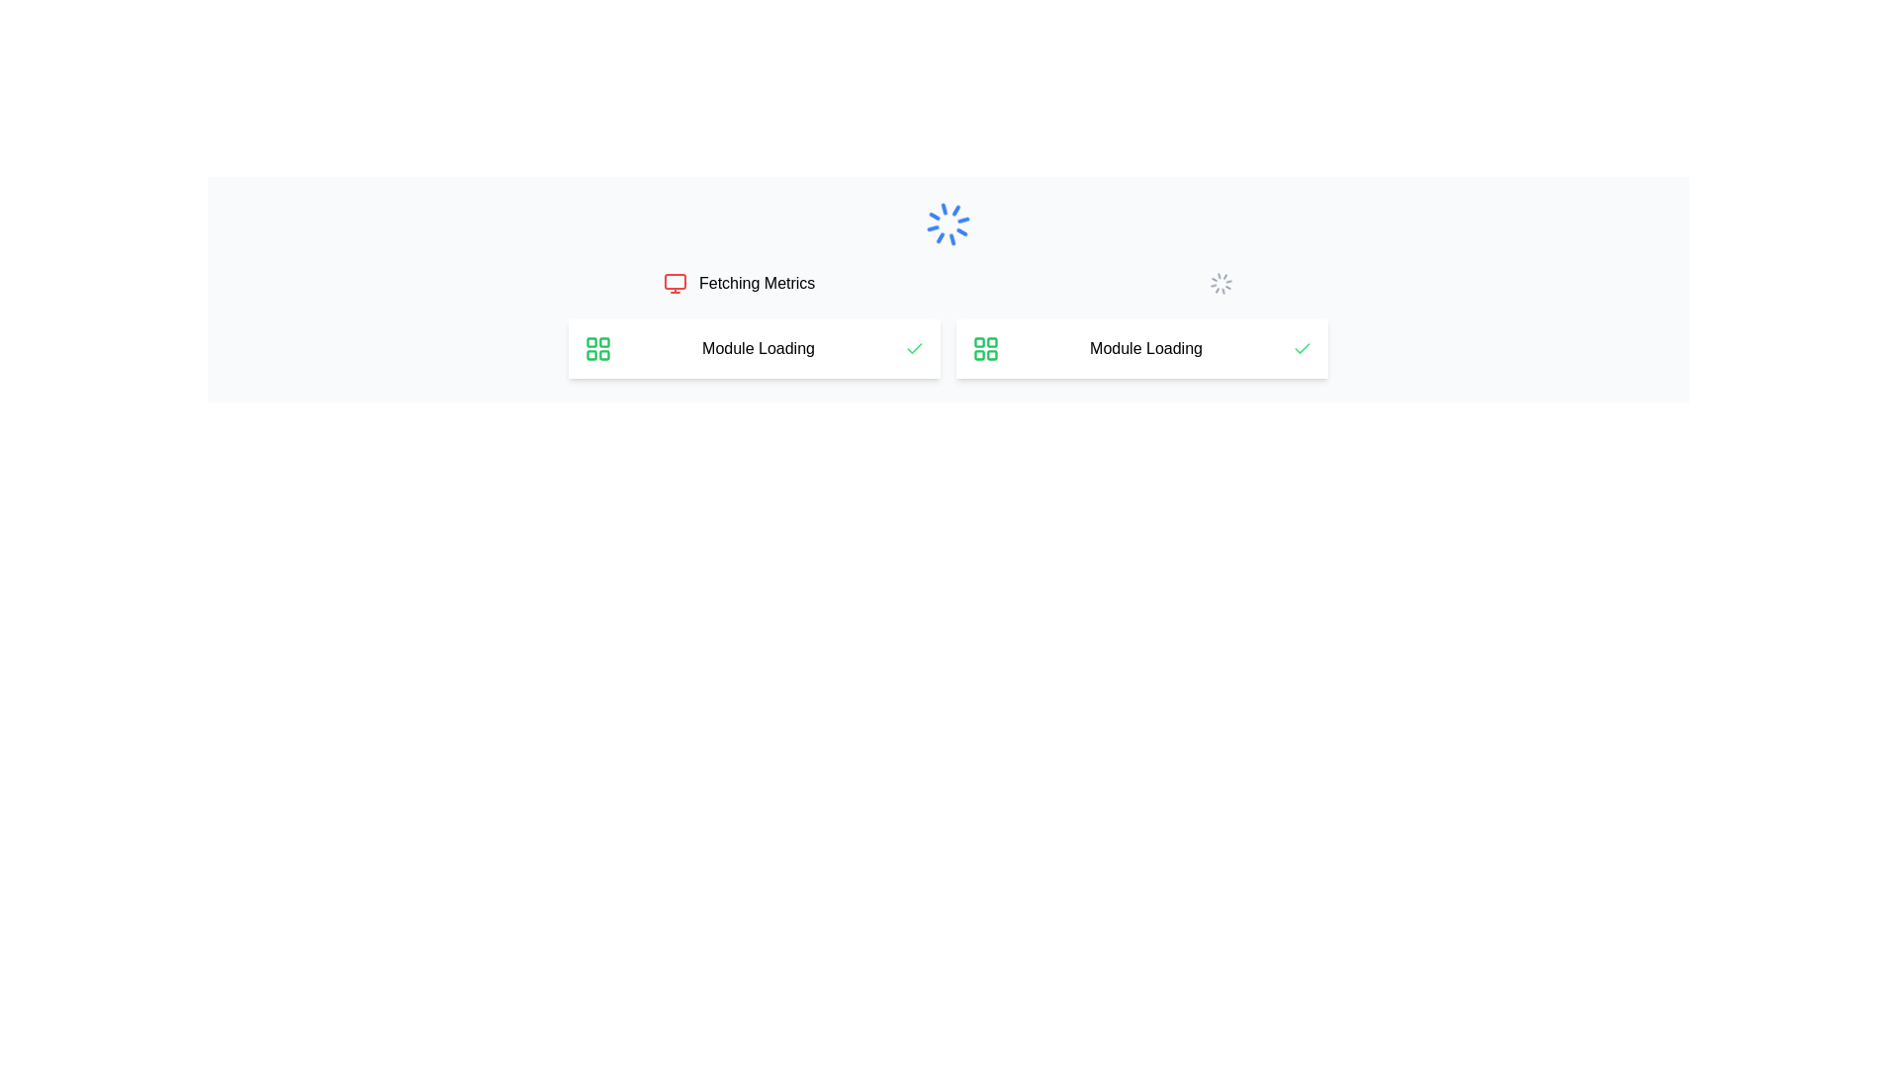 The width and height of the screenshot is (1899, 1068). Describe the element at coordinates (1302, 346) in the screenshot. I see `the checkmark icon within the SVG that indicates a successful status for the 'Module Loading' process. This icon is located on the right side of the card-like component displaying the corresponding text` at that location.